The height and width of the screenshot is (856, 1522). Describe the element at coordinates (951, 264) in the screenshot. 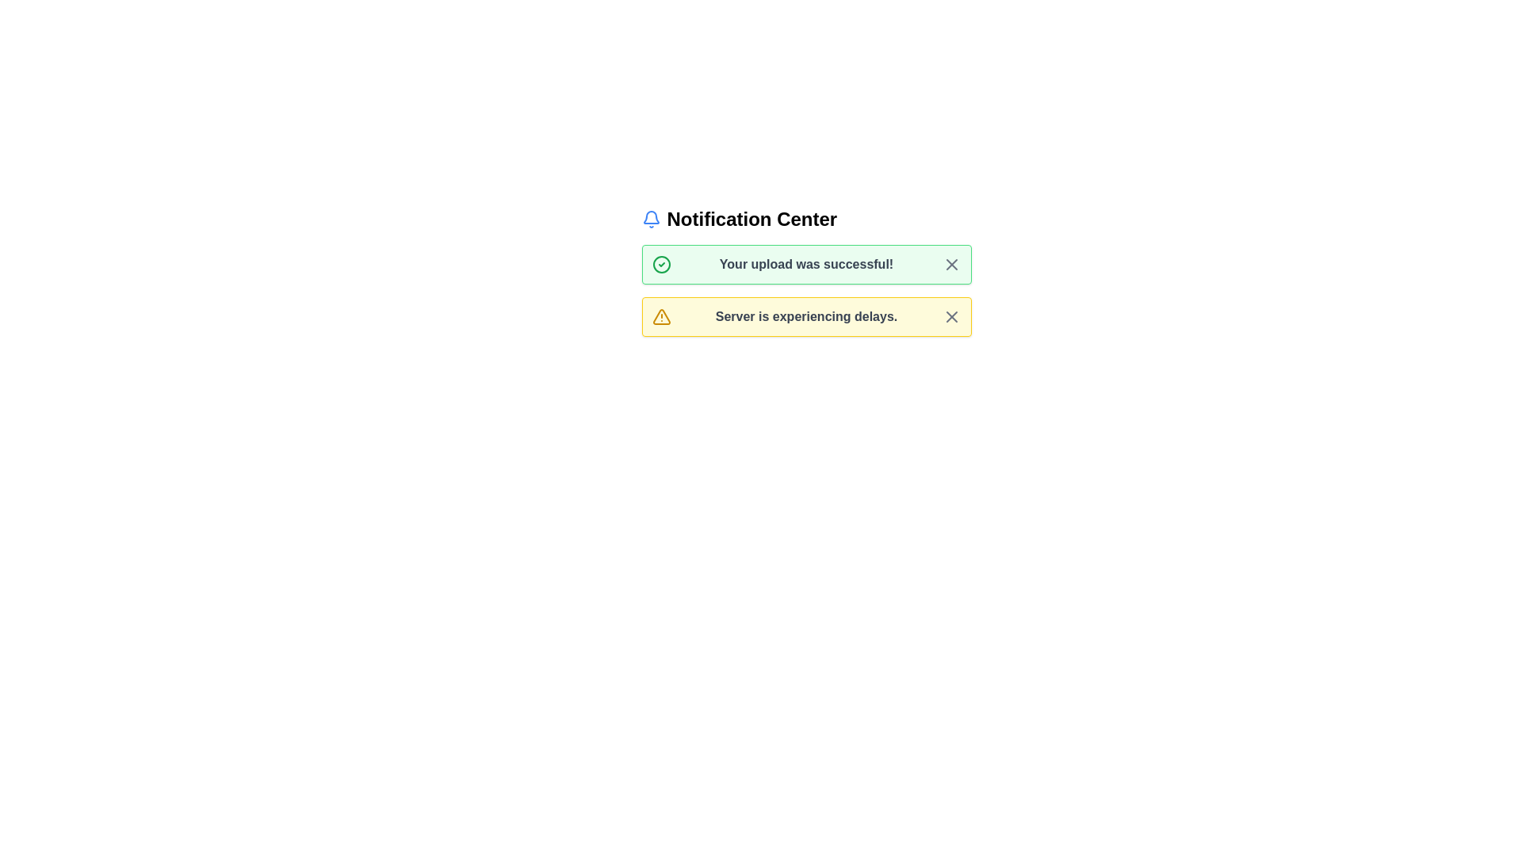

I see `the X button of the alert to dismiss it` at that location.